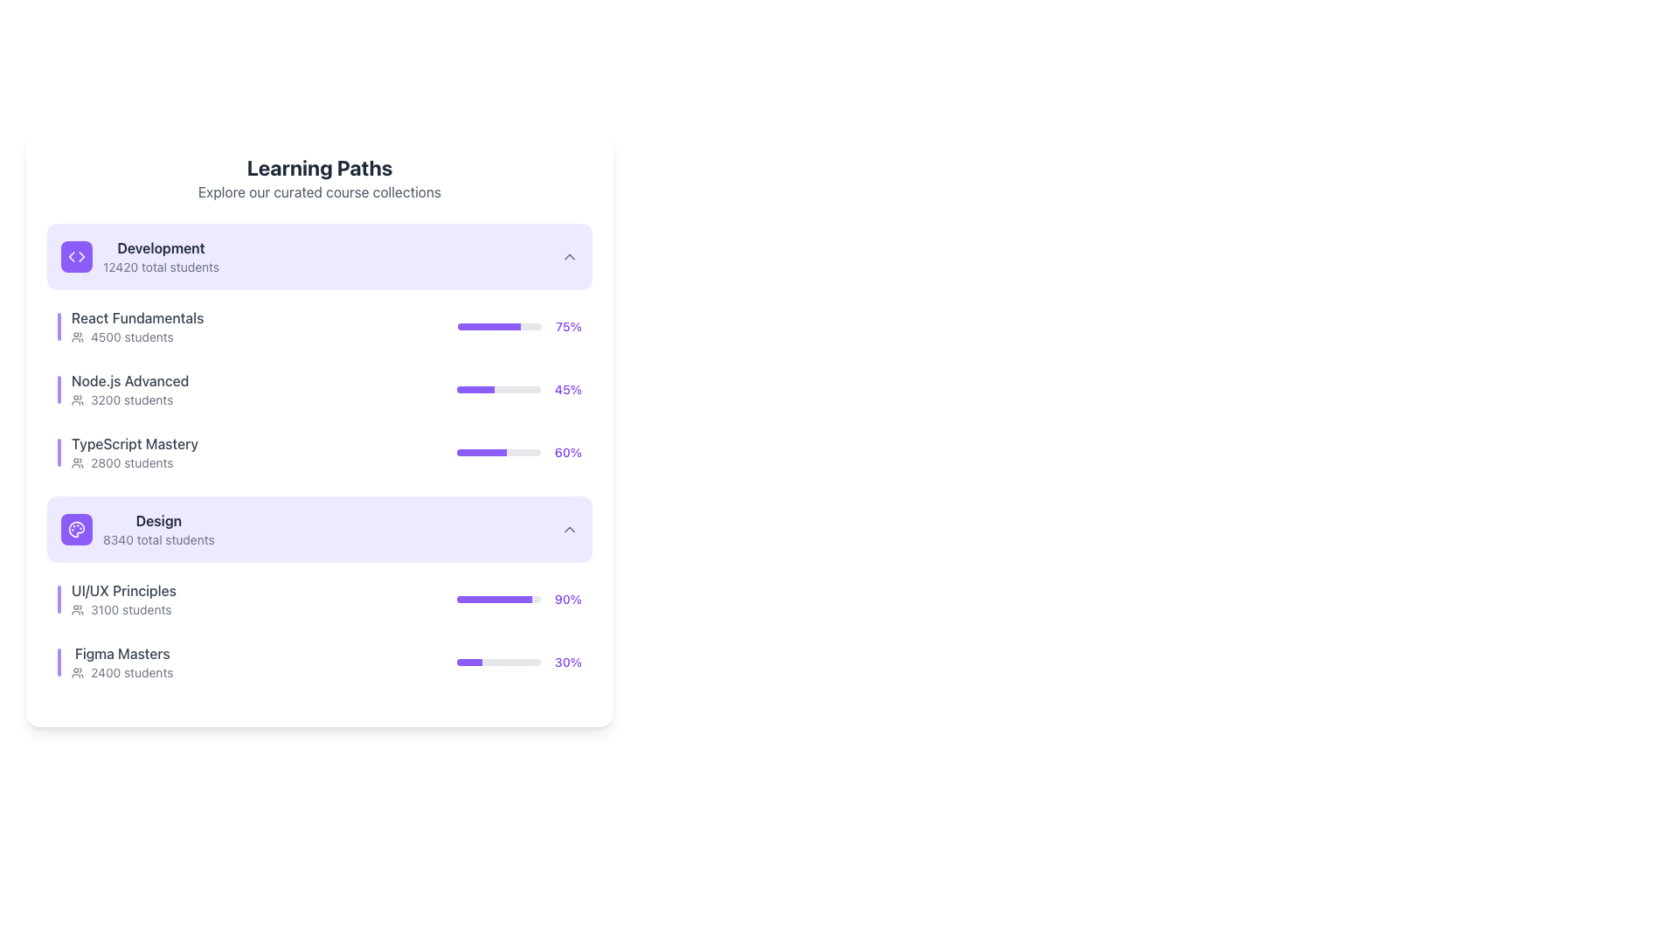 The image size is (1678, 944). Describe the element at coordinates (131, 672) in the screenshot. I see `the text label displaying the total number of students enrolled in the 'Figma Masters' course, located in the 'Figma Masters' subsection under the 'Design' category` at that location.